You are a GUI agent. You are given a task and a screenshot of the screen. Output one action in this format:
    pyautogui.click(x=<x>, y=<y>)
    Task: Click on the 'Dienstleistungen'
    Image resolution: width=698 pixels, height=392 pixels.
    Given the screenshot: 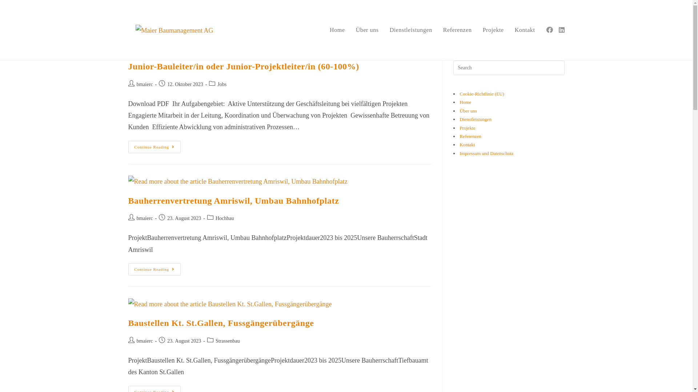 What is the action you would take?
    pyautogui.click(x=411, y=30)
    